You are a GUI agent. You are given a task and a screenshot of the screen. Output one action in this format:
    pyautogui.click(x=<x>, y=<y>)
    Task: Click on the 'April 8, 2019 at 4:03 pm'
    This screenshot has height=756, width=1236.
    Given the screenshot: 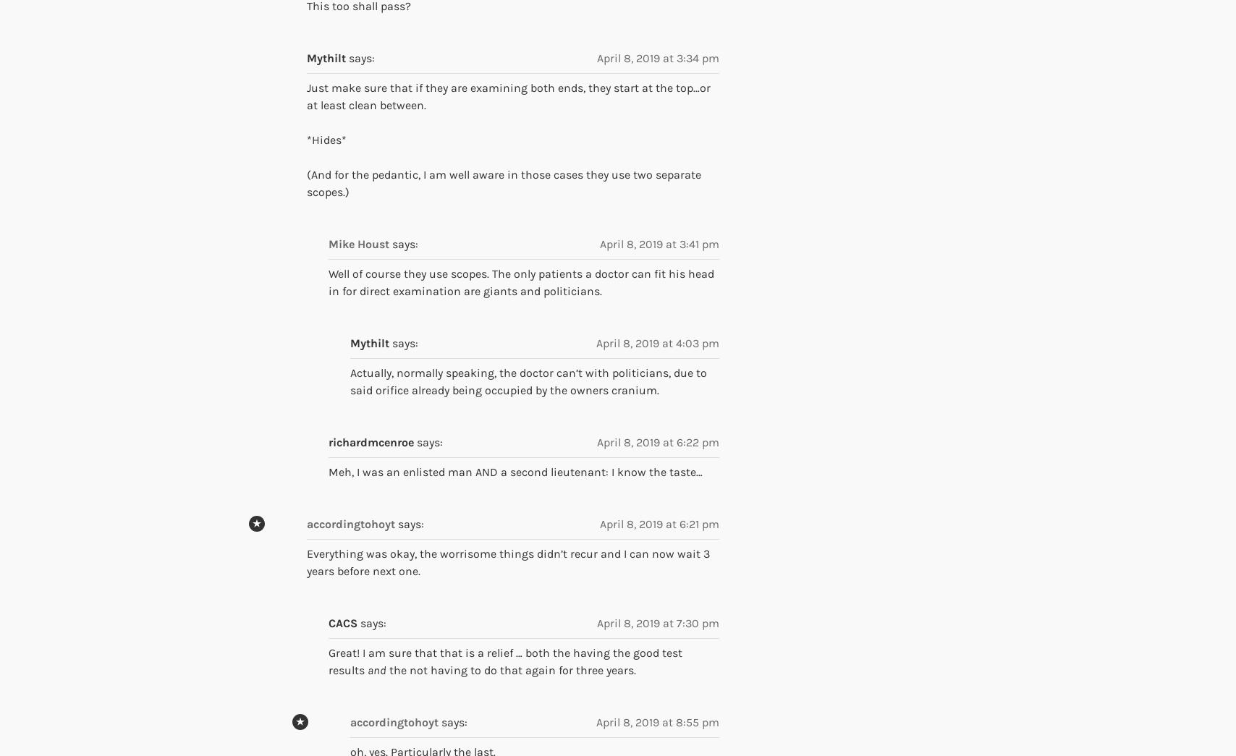 What is the action you would take?
    pyautogui.click(x=657, y=341)
    